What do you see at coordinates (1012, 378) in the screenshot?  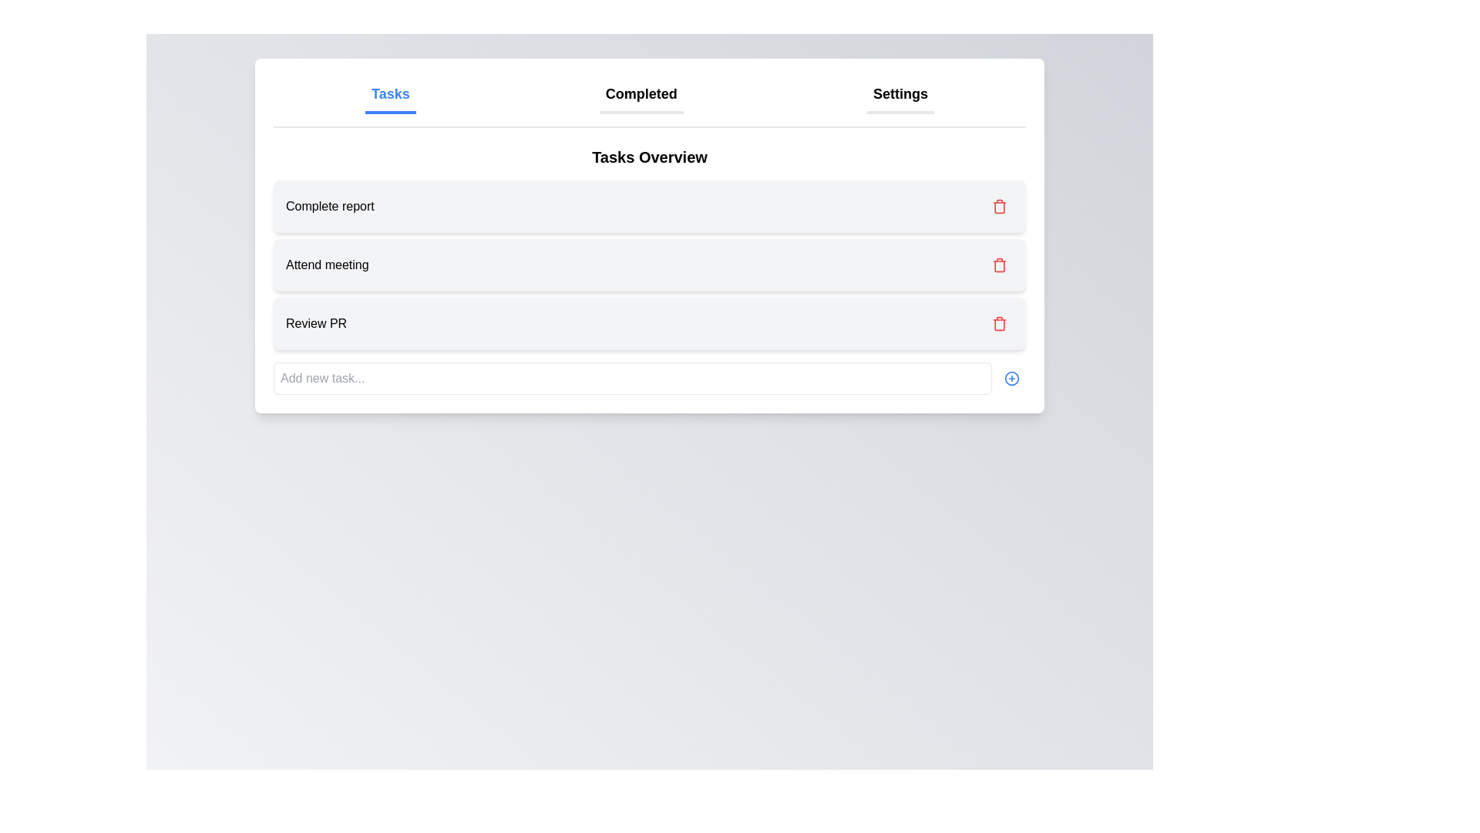 I see `the circular button with a blue border and a centered '+' symbol located at the bottom-right corner of the task input field` at bounding box center [1012, 378].